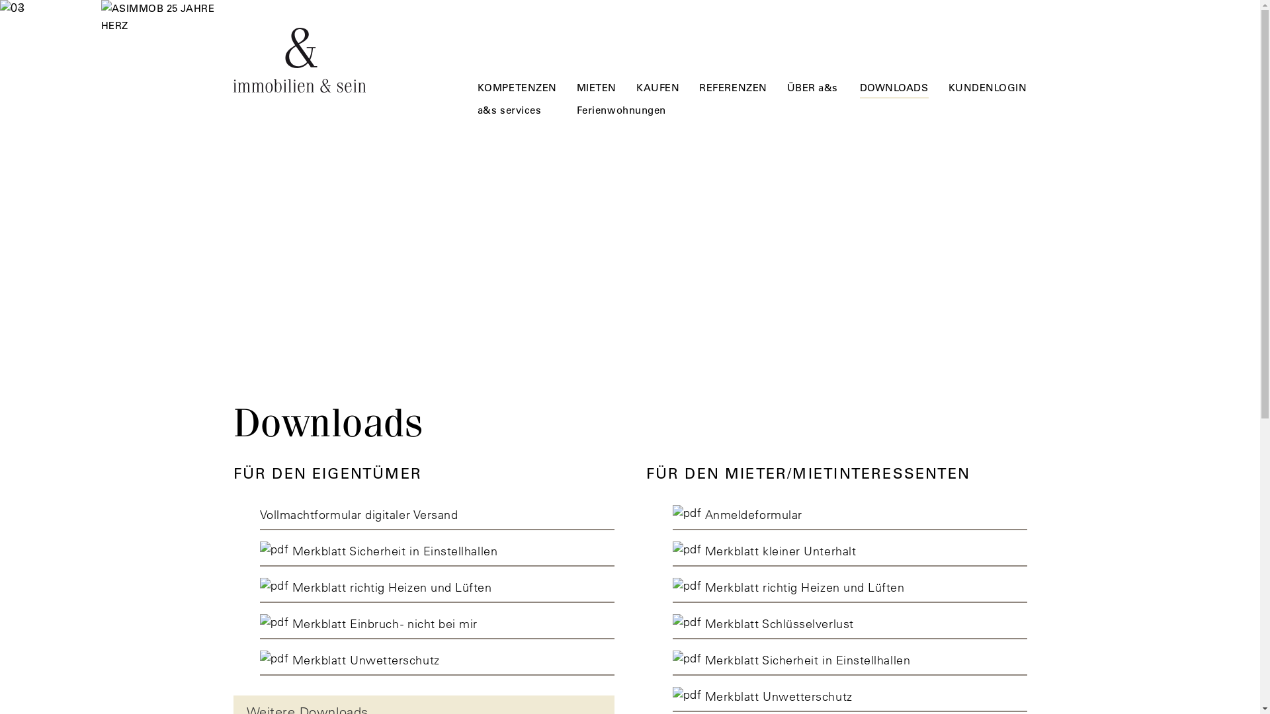  I want to click on 'KAUFEN', so click(657, 89).